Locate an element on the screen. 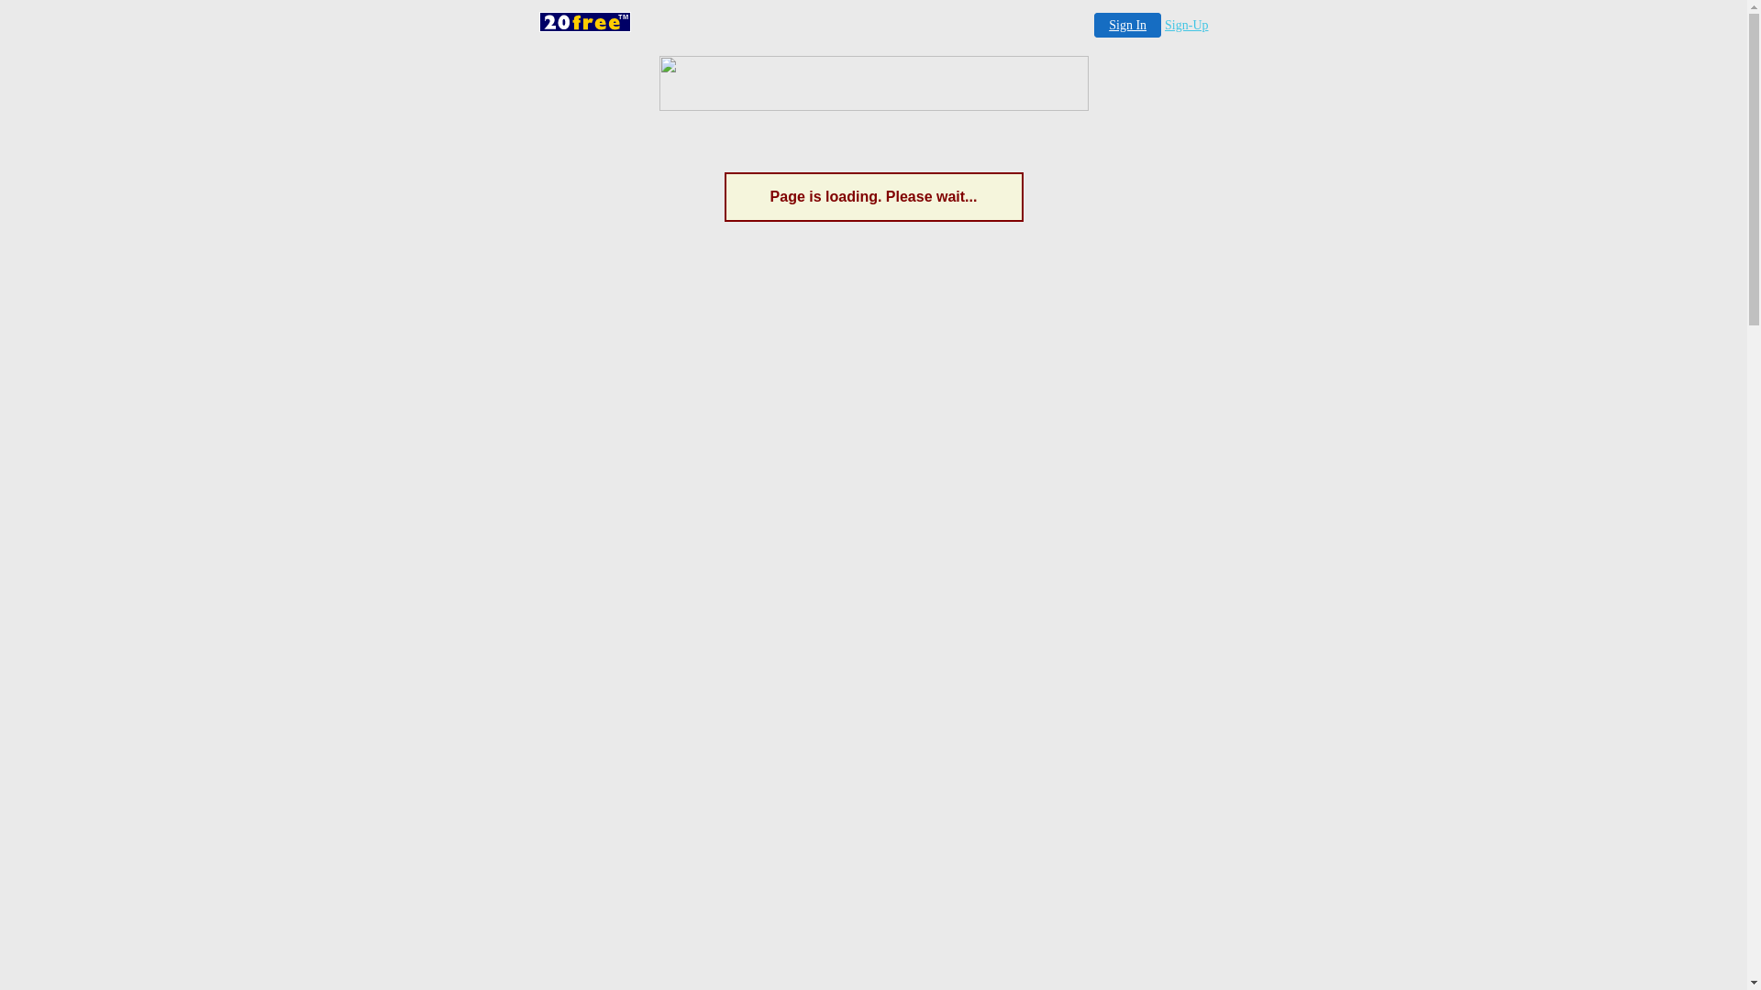 The height and width of the screenshot is (990, 1761). 'Sign In' is located at coordinates (1126, 25).